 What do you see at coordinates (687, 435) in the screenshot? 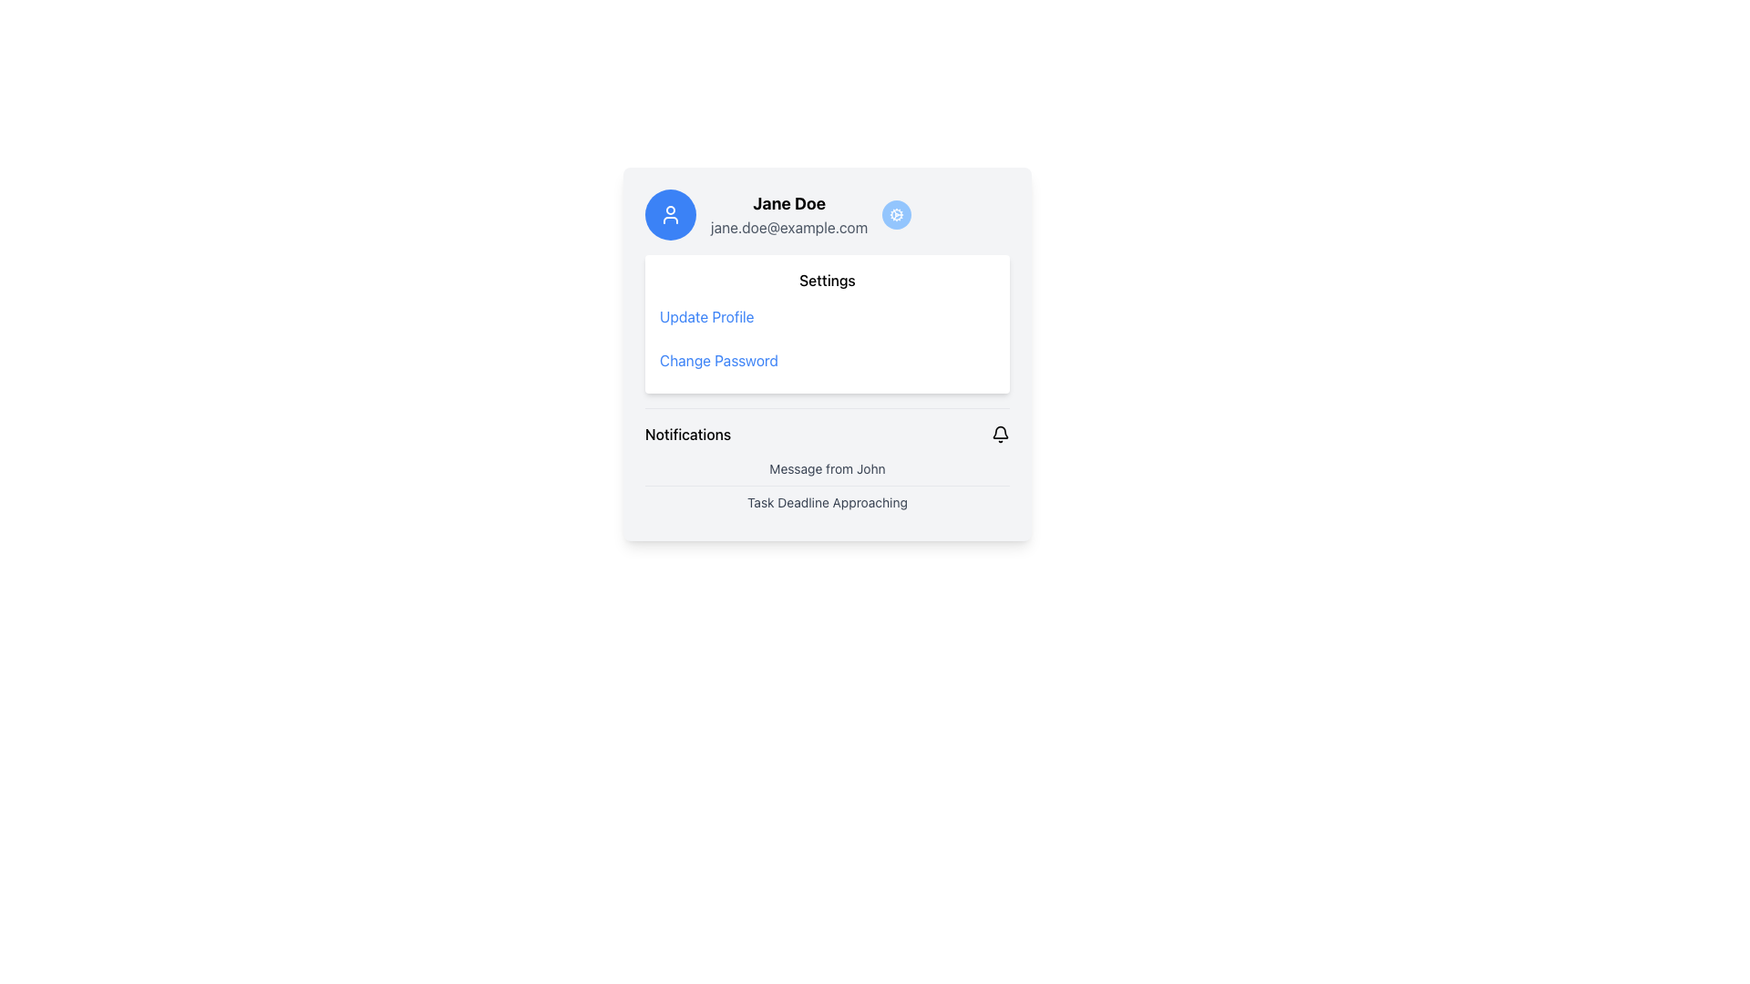
I see `the Text Label indicating the purpose or context of its associated features, which is located in the lower section of a profile card interface, leftmost of a group containing a bell icon` at bounding box center [687, 435].